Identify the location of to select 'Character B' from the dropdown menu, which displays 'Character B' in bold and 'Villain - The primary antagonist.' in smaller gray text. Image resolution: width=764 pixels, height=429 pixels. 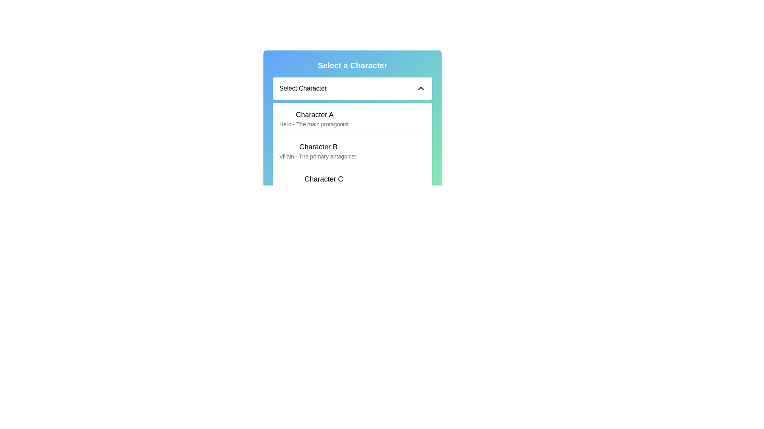
(318, 151).